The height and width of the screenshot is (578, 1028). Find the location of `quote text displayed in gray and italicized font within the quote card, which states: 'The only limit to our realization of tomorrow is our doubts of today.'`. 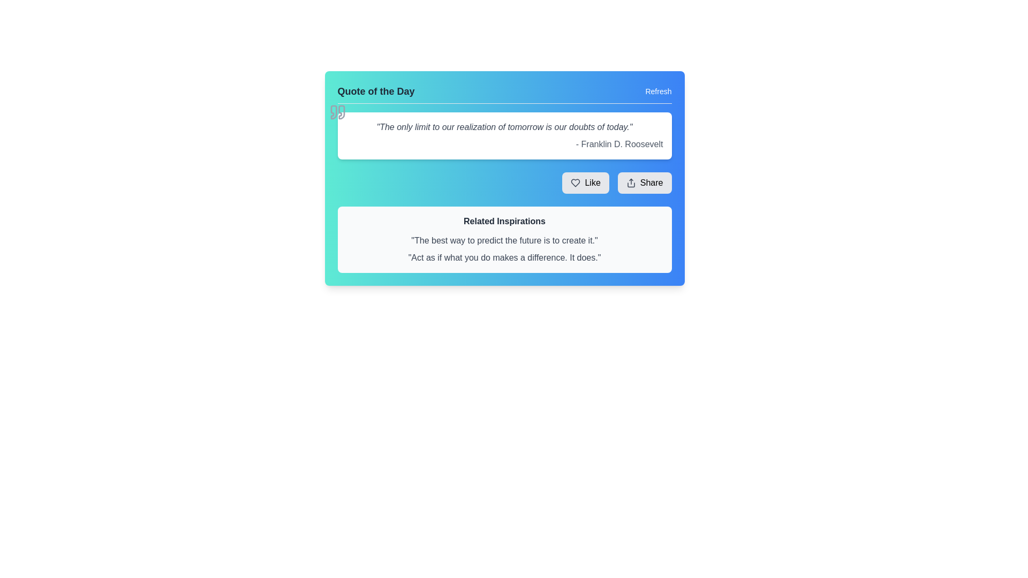

quote text displayed in gray and italicized font within the quote card, which states: 'The only limit to our realization of tomorrow is our doubts of today.' is located at coordinates (504, 127).